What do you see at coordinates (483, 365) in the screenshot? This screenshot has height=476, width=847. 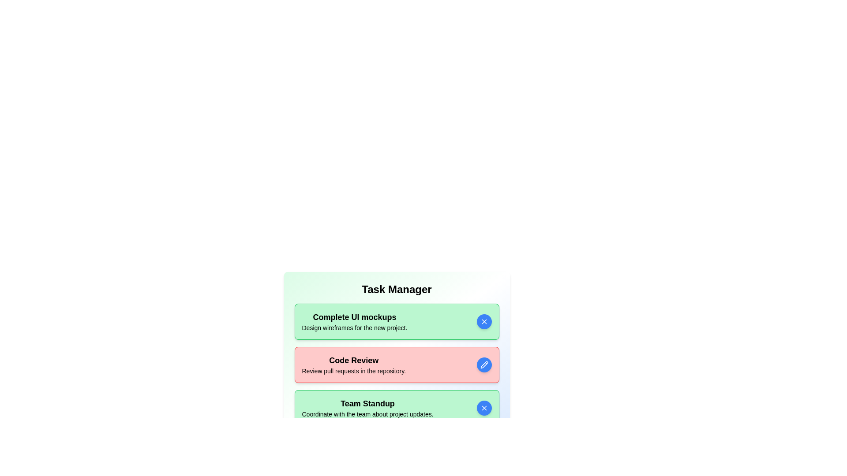 I see `toggle button for the task with title Code Review to change its active state` at bounding box center [483, 365].